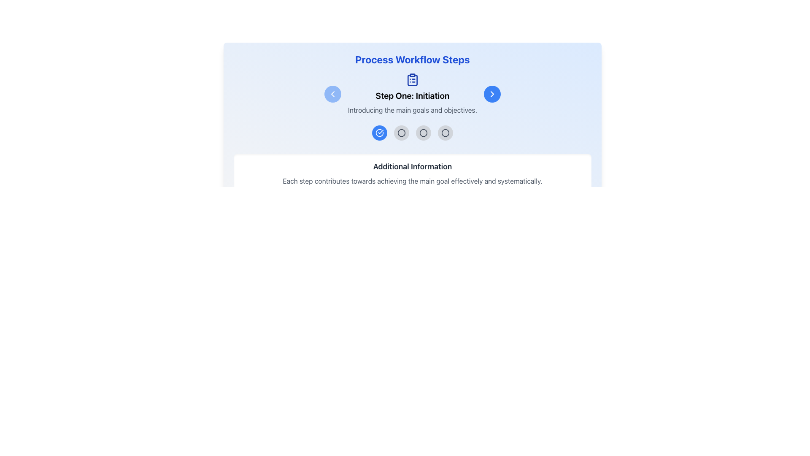  What do you see at coordinates (379, 133) in the screenshot?
I see `the first SVG graphic segment indicating the status of 'Step One: Initiation' in the circular icon group` at bounding box center [379, 133].